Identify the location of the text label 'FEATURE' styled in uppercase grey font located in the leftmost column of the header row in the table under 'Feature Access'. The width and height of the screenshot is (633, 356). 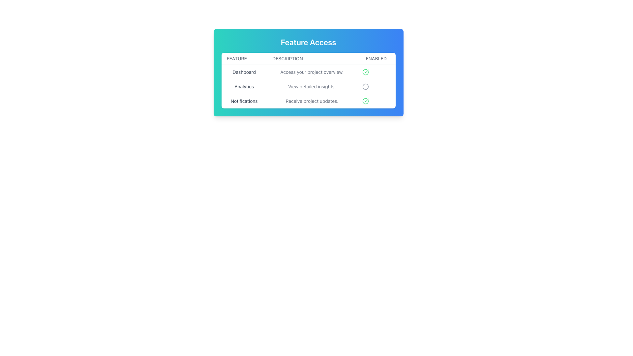
(244, 58).